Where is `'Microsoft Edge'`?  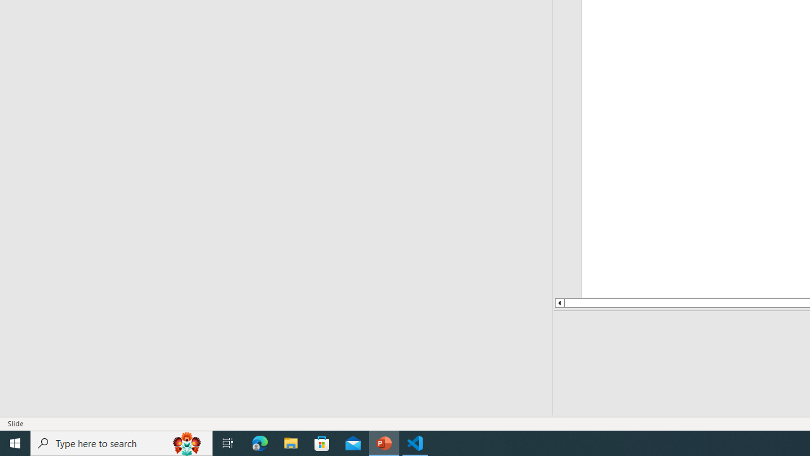
'Microsoft Edge' is located at coordinates (259, 442).